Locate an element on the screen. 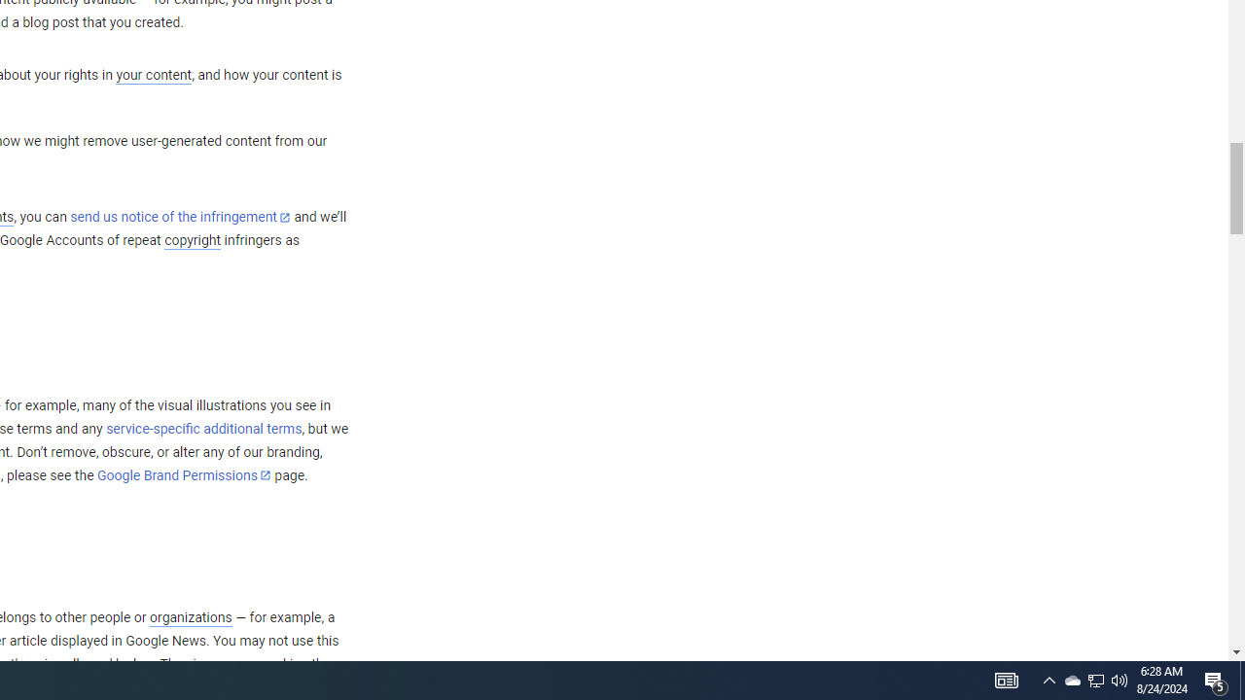  'organizations' is located at coordinates (191, 617).